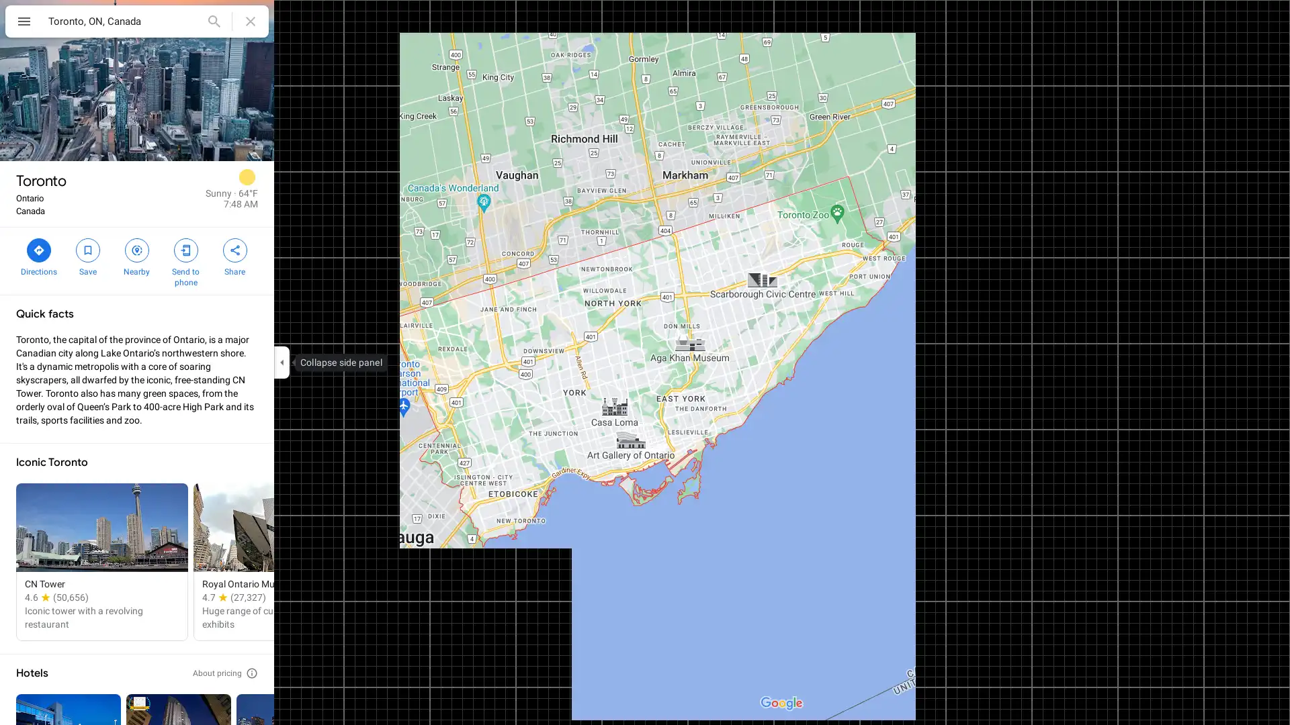  What do you see at coordinates (24, 23) in the screenshot?
I see `Menu` at bounding box center [24, 23].